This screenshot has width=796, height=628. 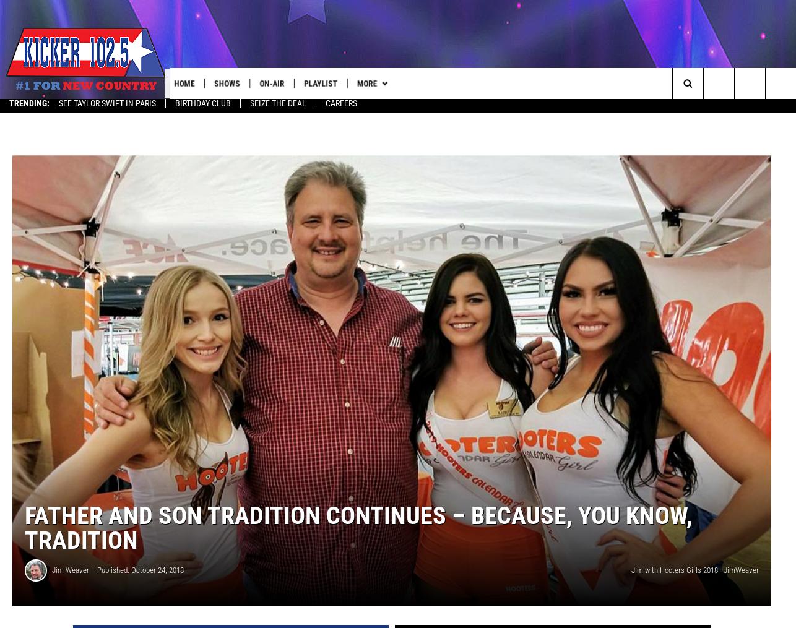 I want to click on 'Home', so click(x=191, y=83).